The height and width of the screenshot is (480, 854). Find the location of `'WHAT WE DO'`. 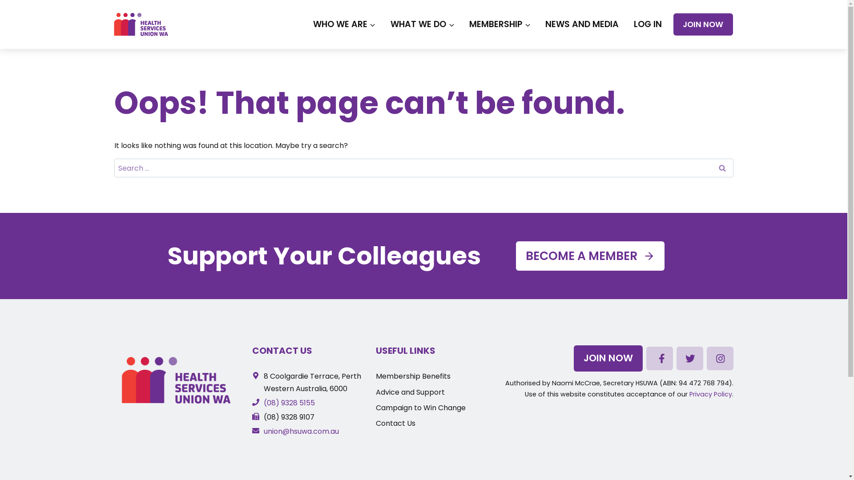

'WHAT WE DO' is located at coordinates (422, 24).